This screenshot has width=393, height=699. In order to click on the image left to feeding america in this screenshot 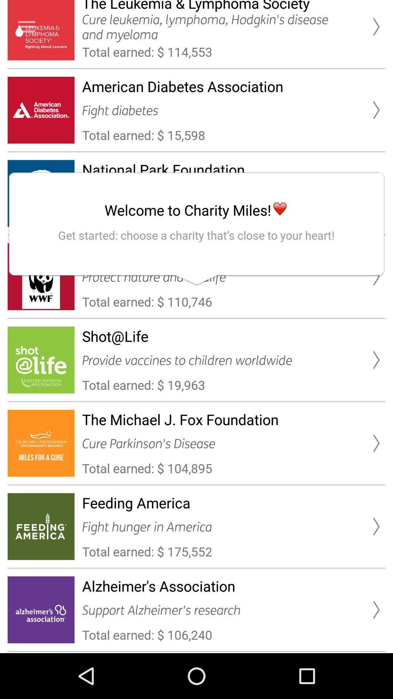, I will do `click(41, 526)`.